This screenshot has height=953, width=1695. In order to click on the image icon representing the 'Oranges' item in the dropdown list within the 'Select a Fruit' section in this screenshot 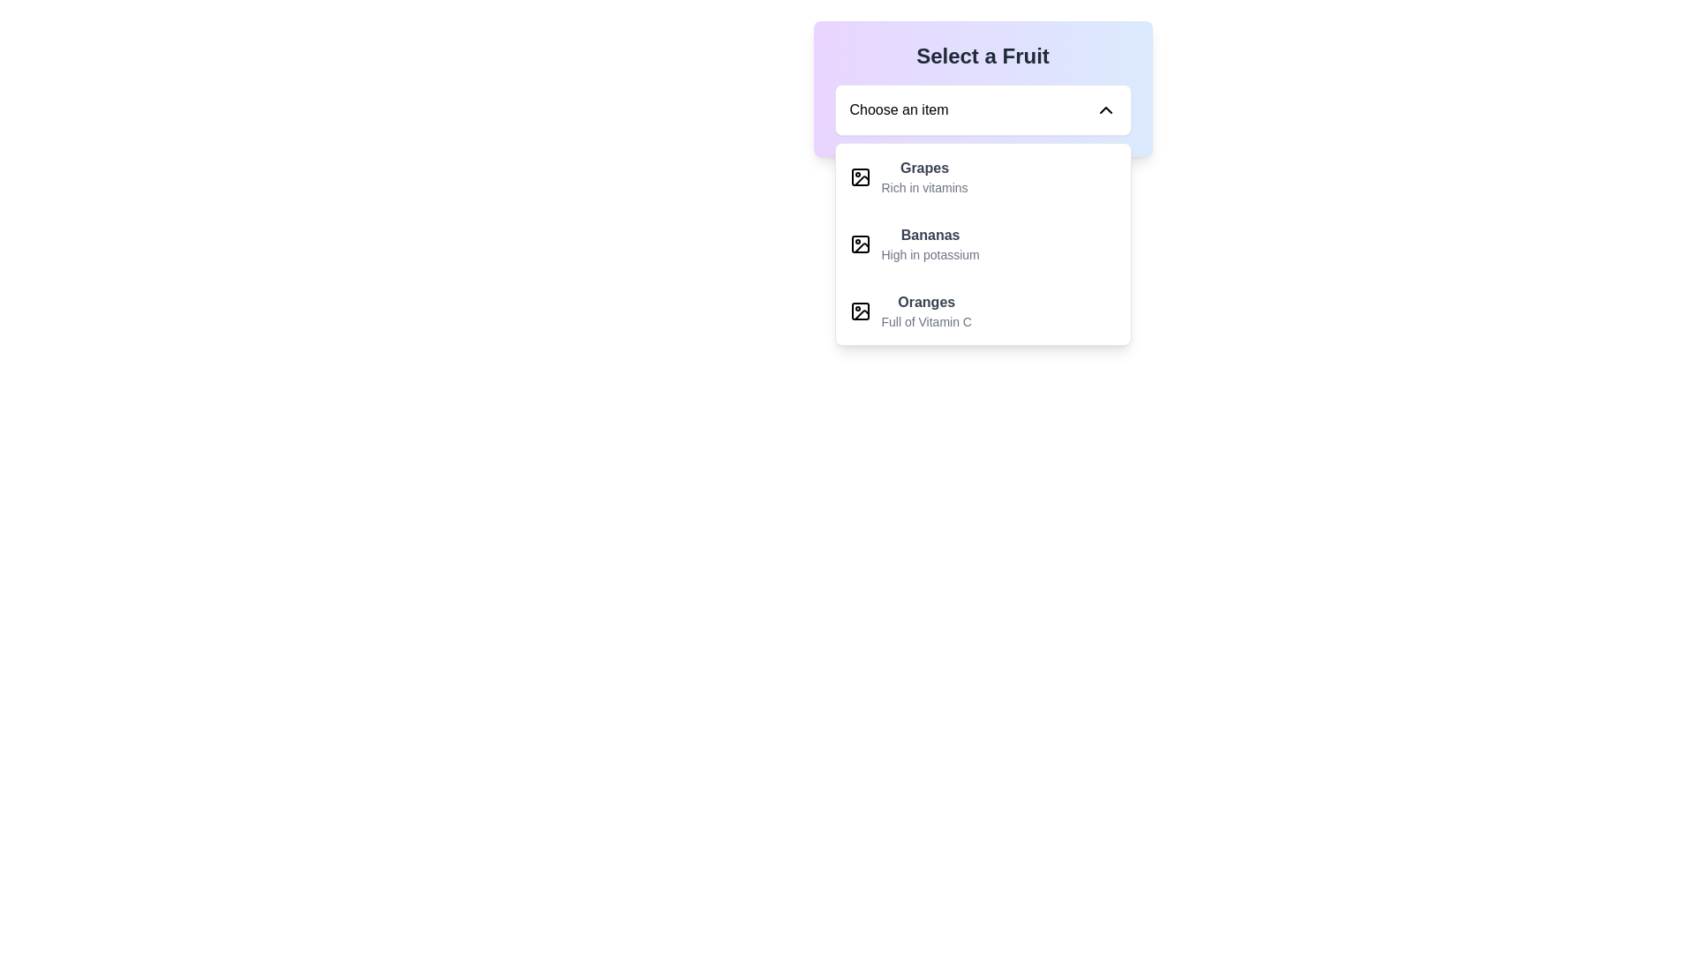, I will do `click(861, 314)`.